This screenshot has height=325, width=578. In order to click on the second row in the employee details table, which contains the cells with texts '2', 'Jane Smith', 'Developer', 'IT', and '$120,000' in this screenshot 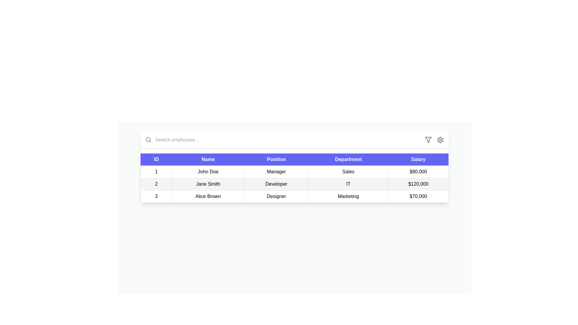, I will do `click(294, 184)`.